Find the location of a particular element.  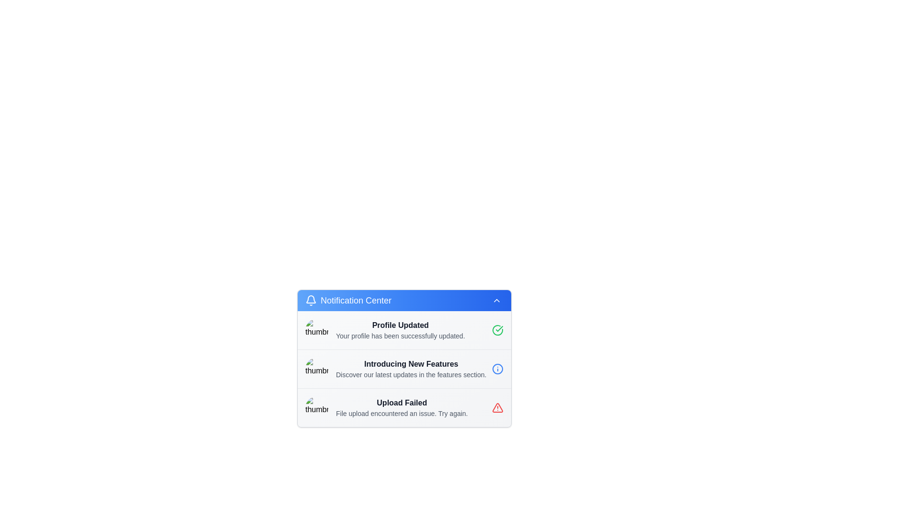

confirmation icon representing successful profile update, located near the top-right corner of the 'Profile Updated' notification is located at coordinates (499, 328).